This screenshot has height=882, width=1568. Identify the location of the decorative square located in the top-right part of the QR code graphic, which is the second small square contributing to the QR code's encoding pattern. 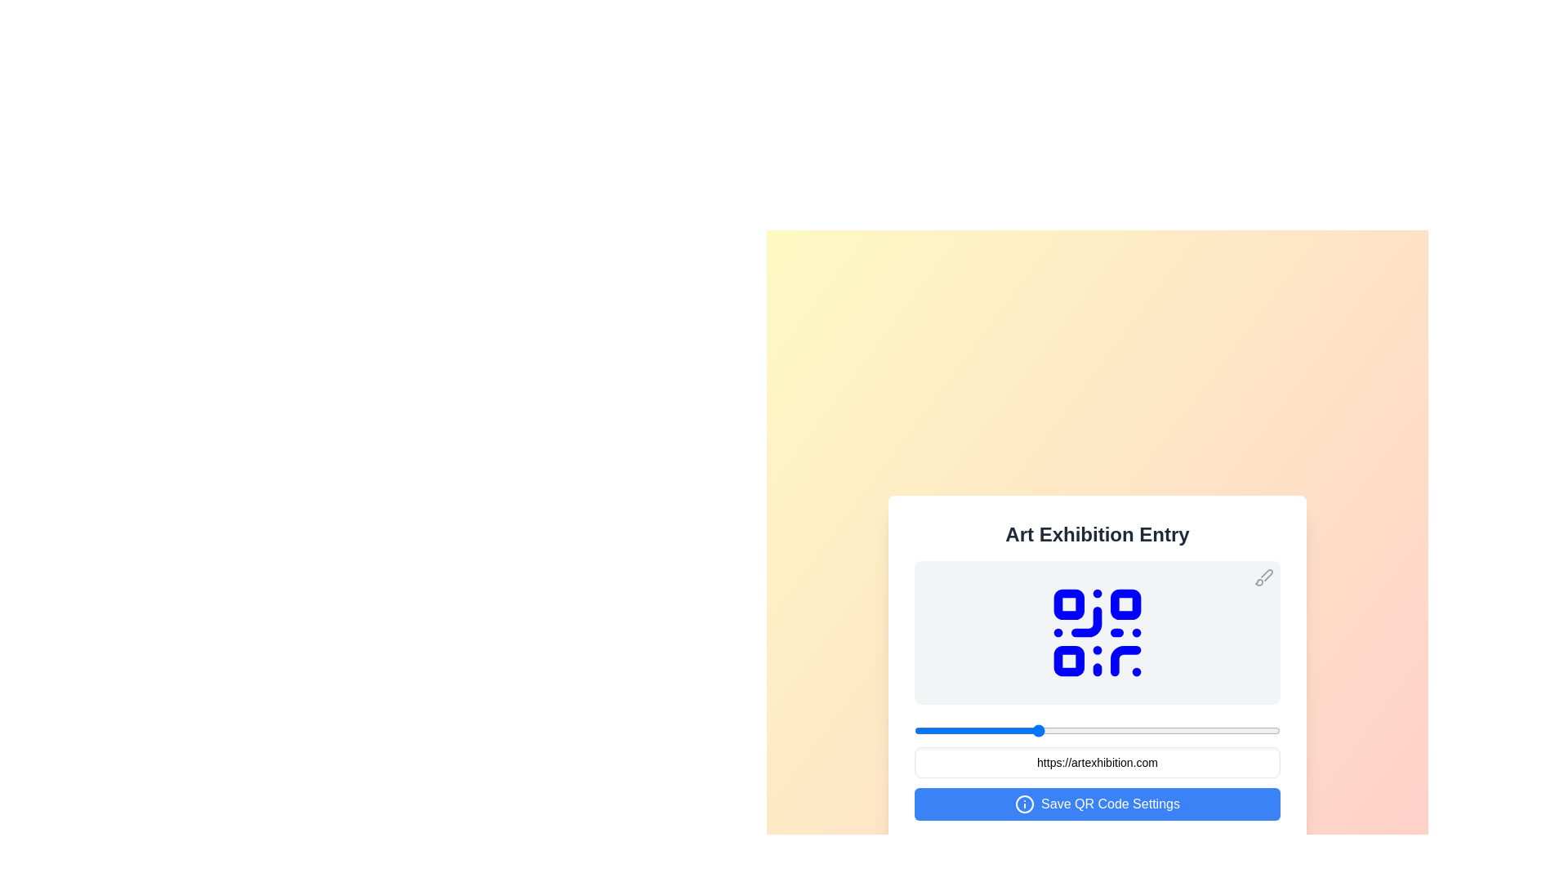
(1125, 604).